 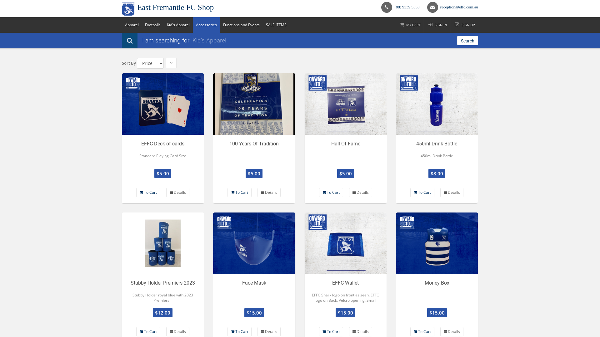 I want to click on 'To Cart', so click(x=148, y=192).